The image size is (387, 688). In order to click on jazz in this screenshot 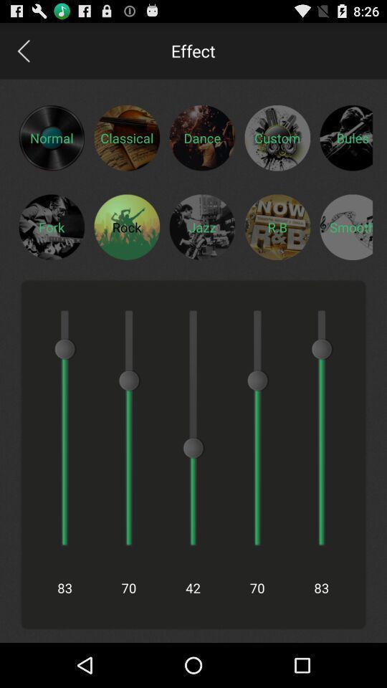, I will do `click(201, 226)`.